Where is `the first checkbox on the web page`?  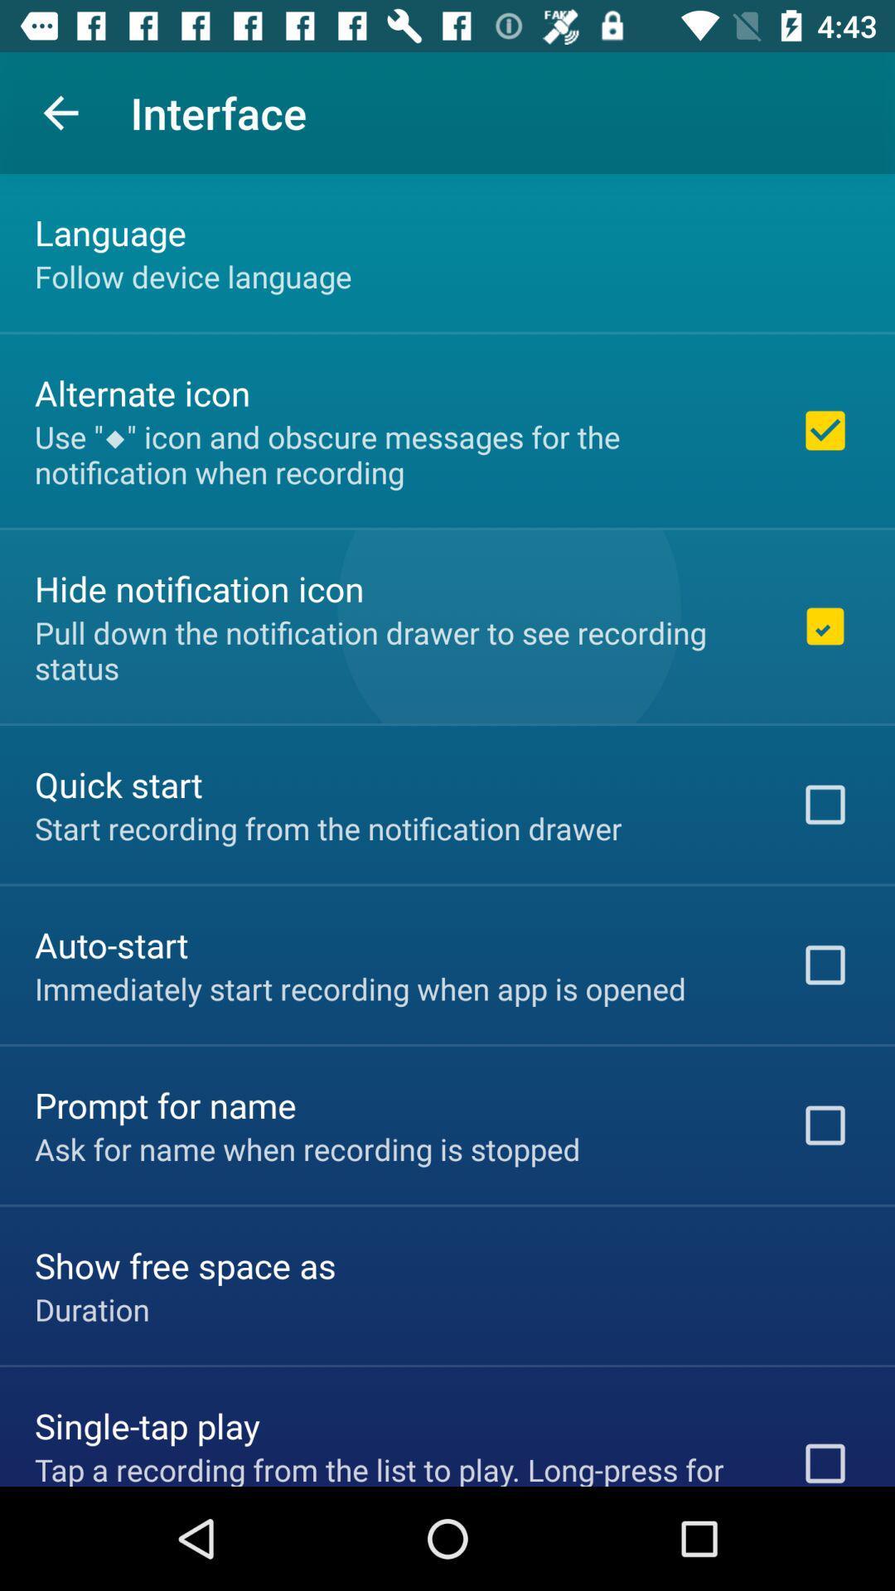 the first checkbox on the web page is located at coordinates (825, 430).